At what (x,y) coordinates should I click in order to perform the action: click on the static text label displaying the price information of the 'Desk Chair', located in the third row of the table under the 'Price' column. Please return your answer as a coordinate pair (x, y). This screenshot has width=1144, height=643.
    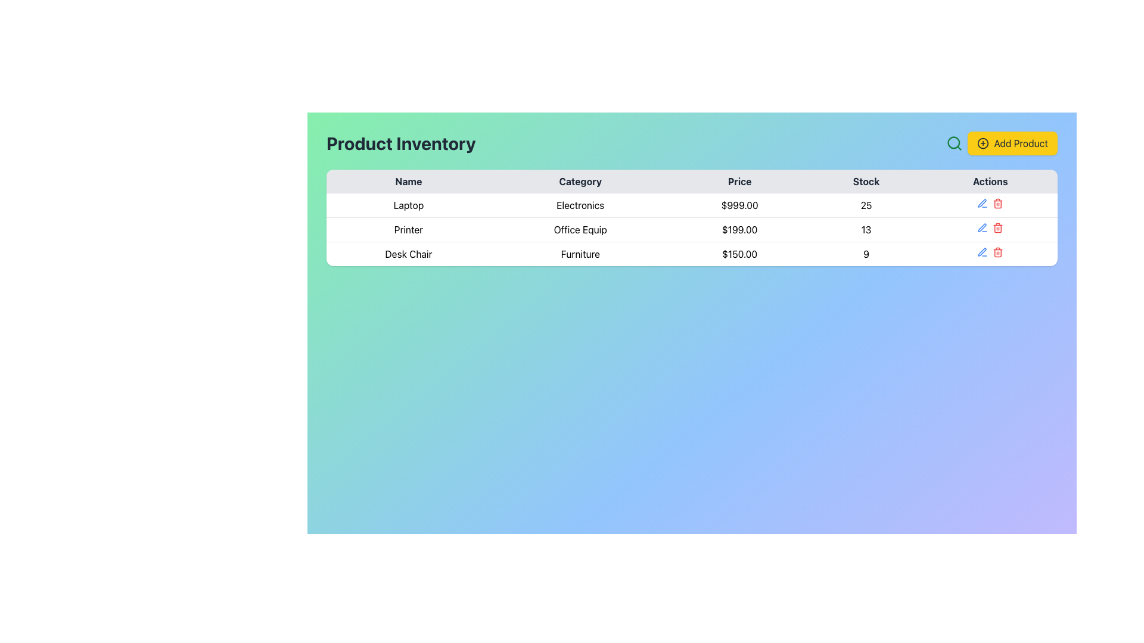
    Looking at the image, I should click on (739, 253).